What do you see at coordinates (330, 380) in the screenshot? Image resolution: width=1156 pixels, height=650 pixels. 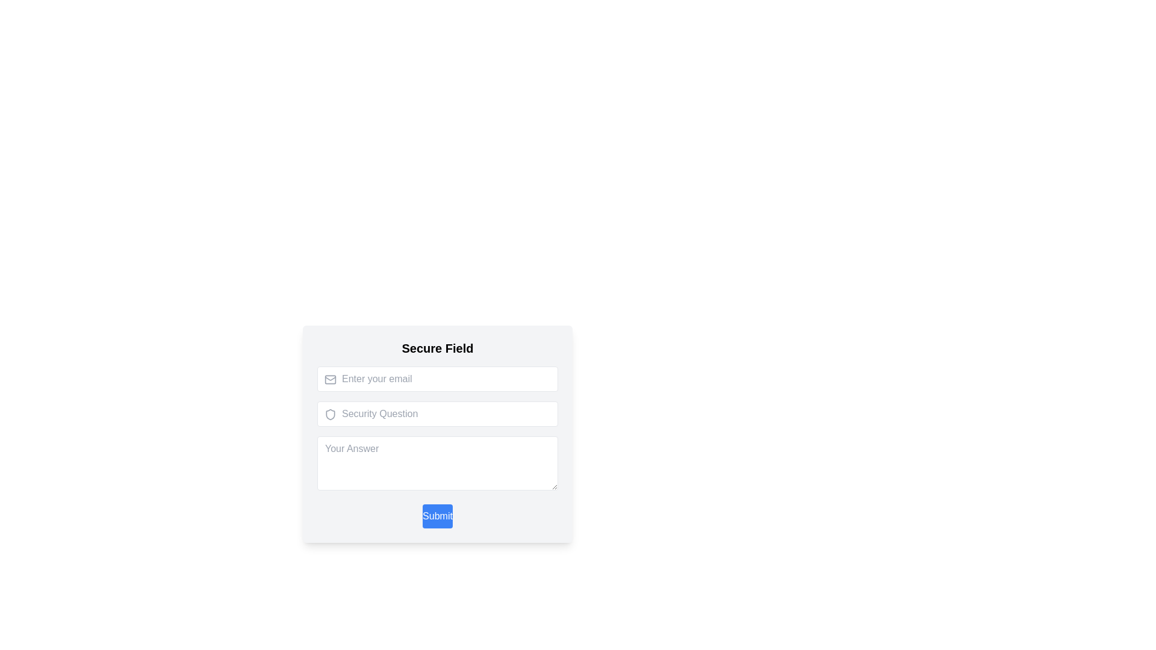 I see `the email address icon embedded within the left side of the 'Enter your email' input field` at bounding box center [330, 380].